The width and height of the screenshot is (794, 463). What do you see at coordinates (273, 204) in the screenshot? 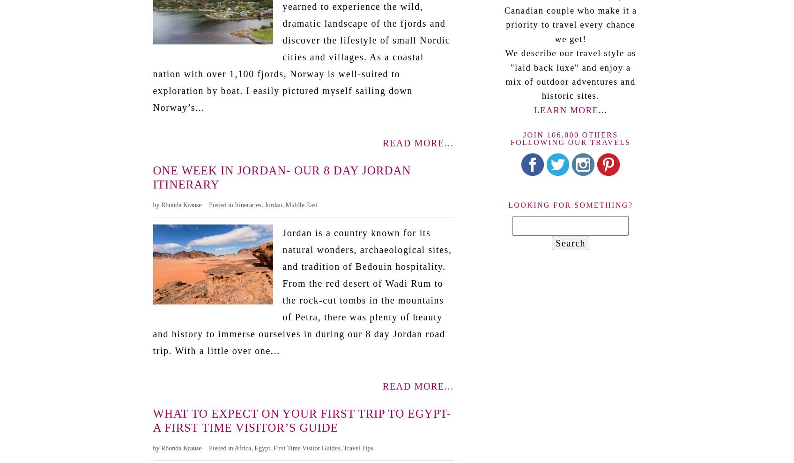
I see `'Jordan'` at bounding box center [273, 204].